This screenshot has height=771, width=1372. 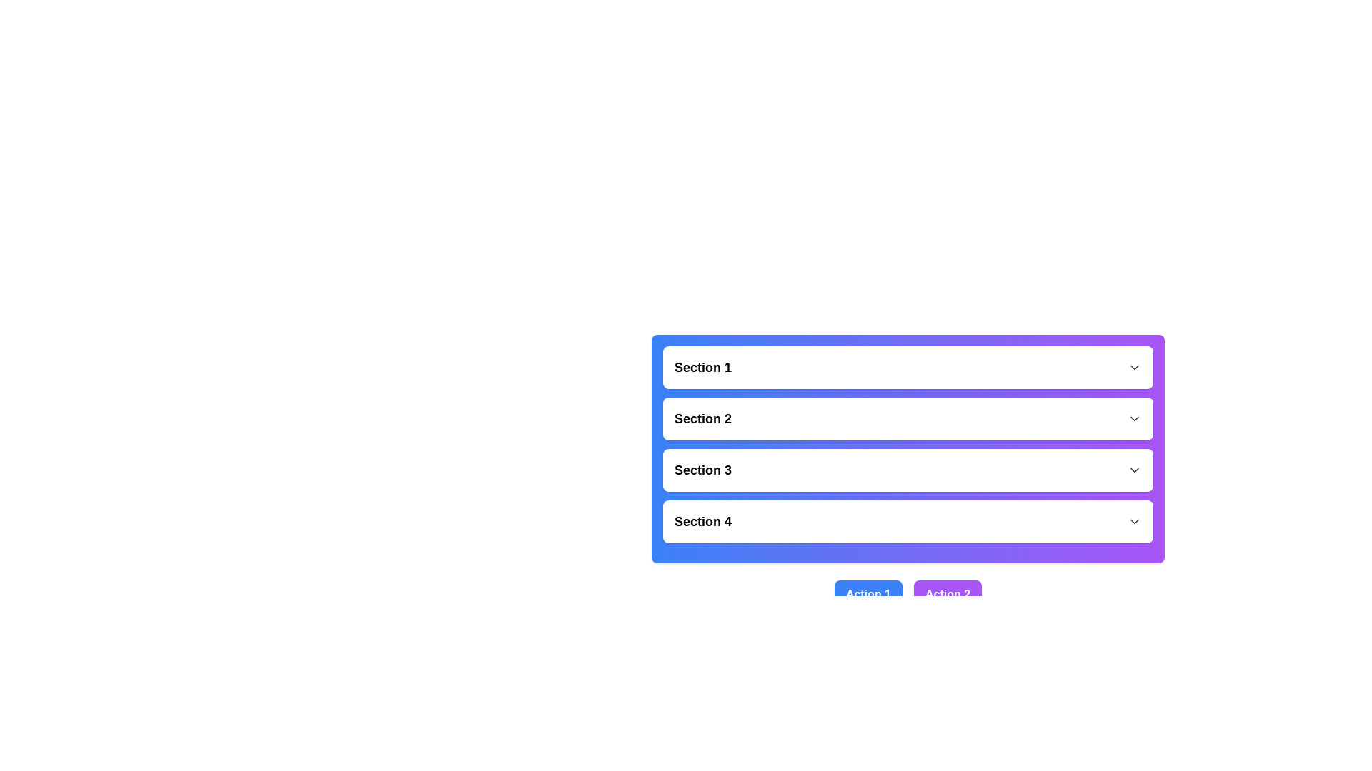 I want to click on the 'Section 2' text label, which is styled in a bold, larger sans-serif font and indicates the title of the second section in a vertically stacked layout, so click(x=702, y=418).